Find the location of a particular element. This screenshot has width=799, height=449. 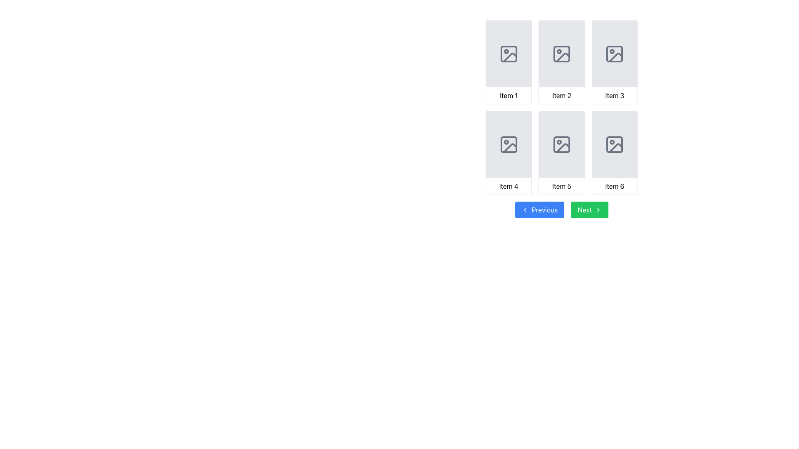

the label located at the bottom portion of the third item in the first row and third column of the grid is located at coordinates (615, 95).